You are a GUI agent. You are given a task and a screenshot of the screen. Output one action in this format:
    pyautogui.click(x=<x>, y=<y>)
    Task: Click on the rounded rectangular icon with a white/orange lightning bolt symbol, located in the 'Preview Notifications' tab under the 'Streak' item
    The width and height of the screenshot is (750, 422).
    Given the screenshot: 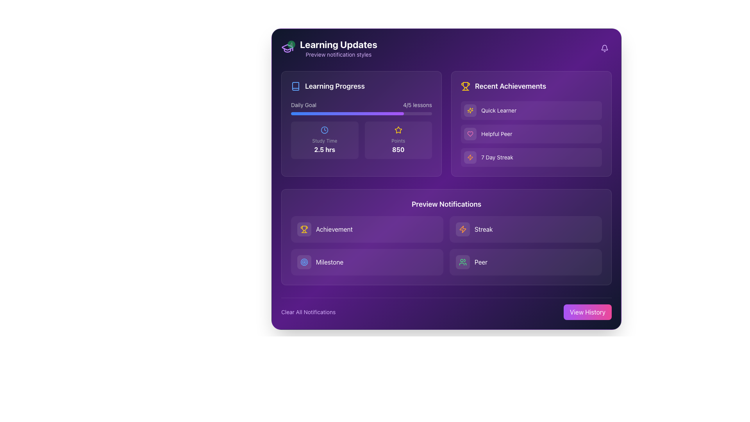 What is the action you would take?
    pyautogui.click(x=463, y=229)
    